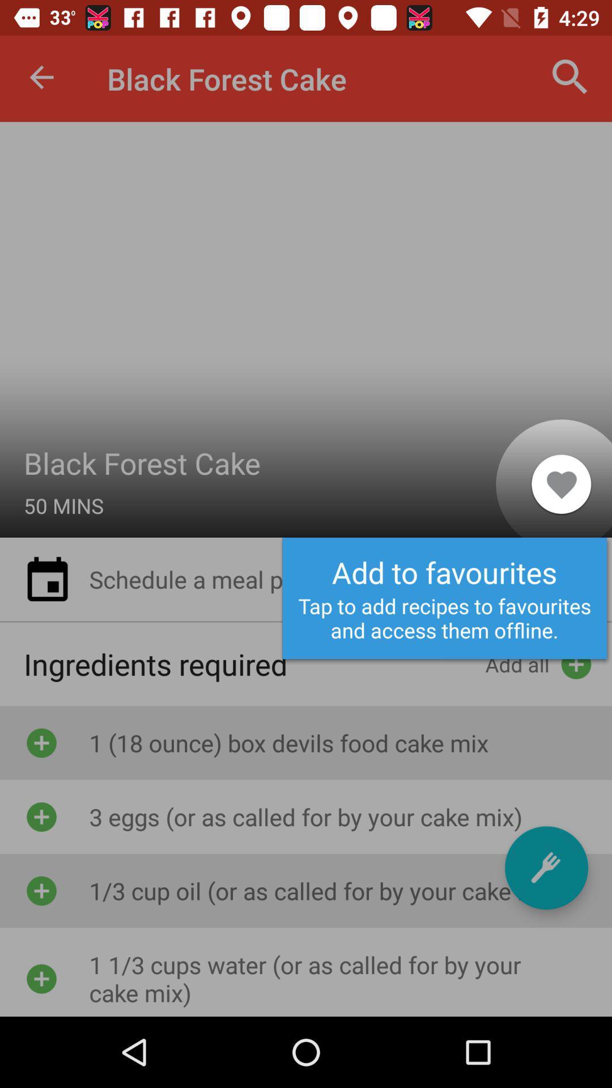 The width and height of the screenshot is (612, 1088). Describe the element at coordinates (546, 867) in the screenshot. I see `the edit icon` at that location.